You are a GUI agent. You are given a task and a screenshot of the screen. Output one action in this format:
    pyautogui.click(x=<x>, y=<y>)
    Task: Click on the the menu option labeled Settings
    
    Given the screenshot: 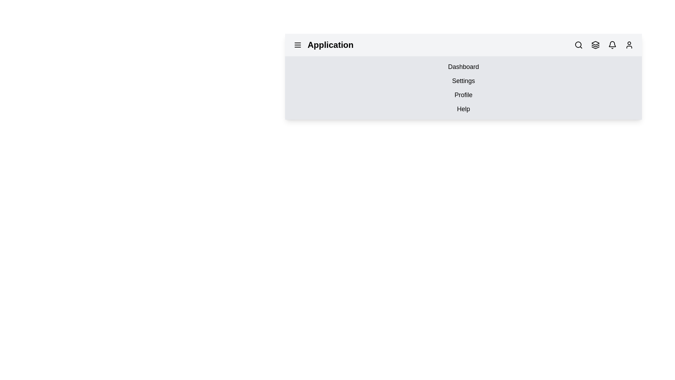 What is the action you would take?
    pyautogui.click(x=463, y=81)
    